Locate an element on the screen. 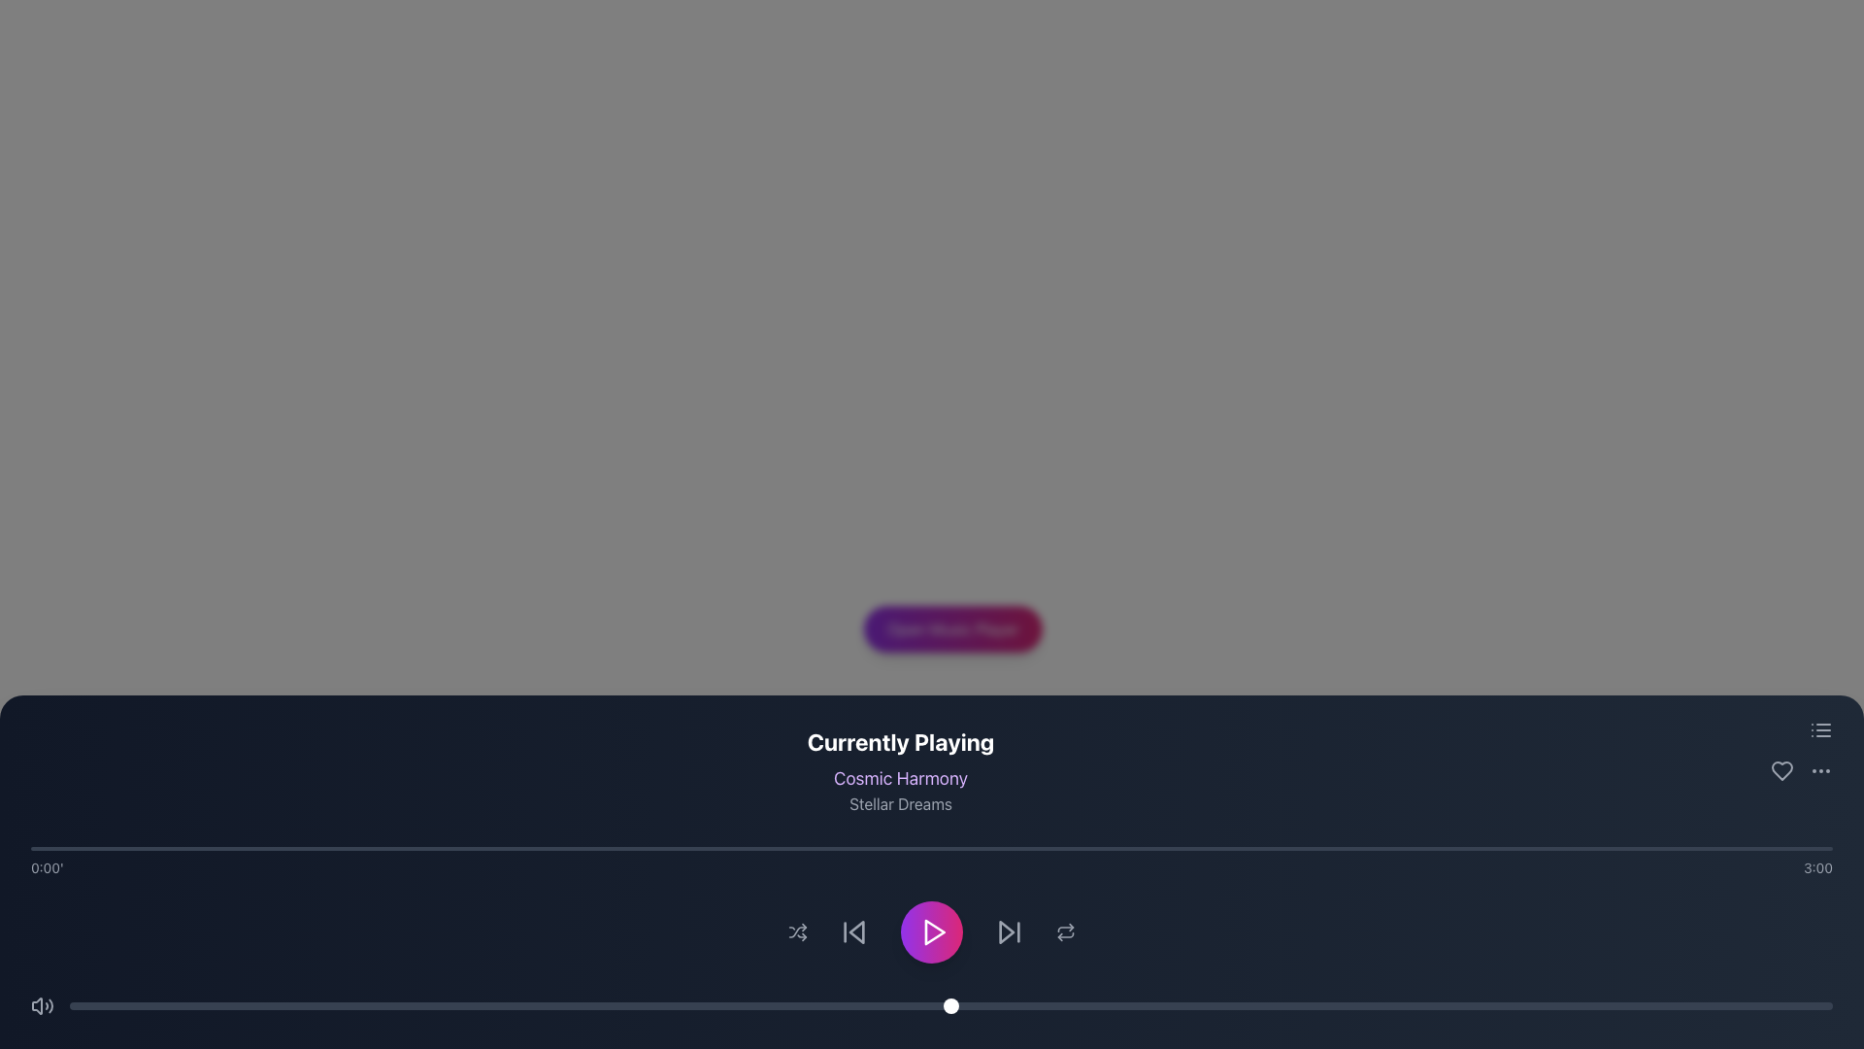 The width and height of the screenshot is (1864, 1049). the slider is located at coordinates (298, 1005).